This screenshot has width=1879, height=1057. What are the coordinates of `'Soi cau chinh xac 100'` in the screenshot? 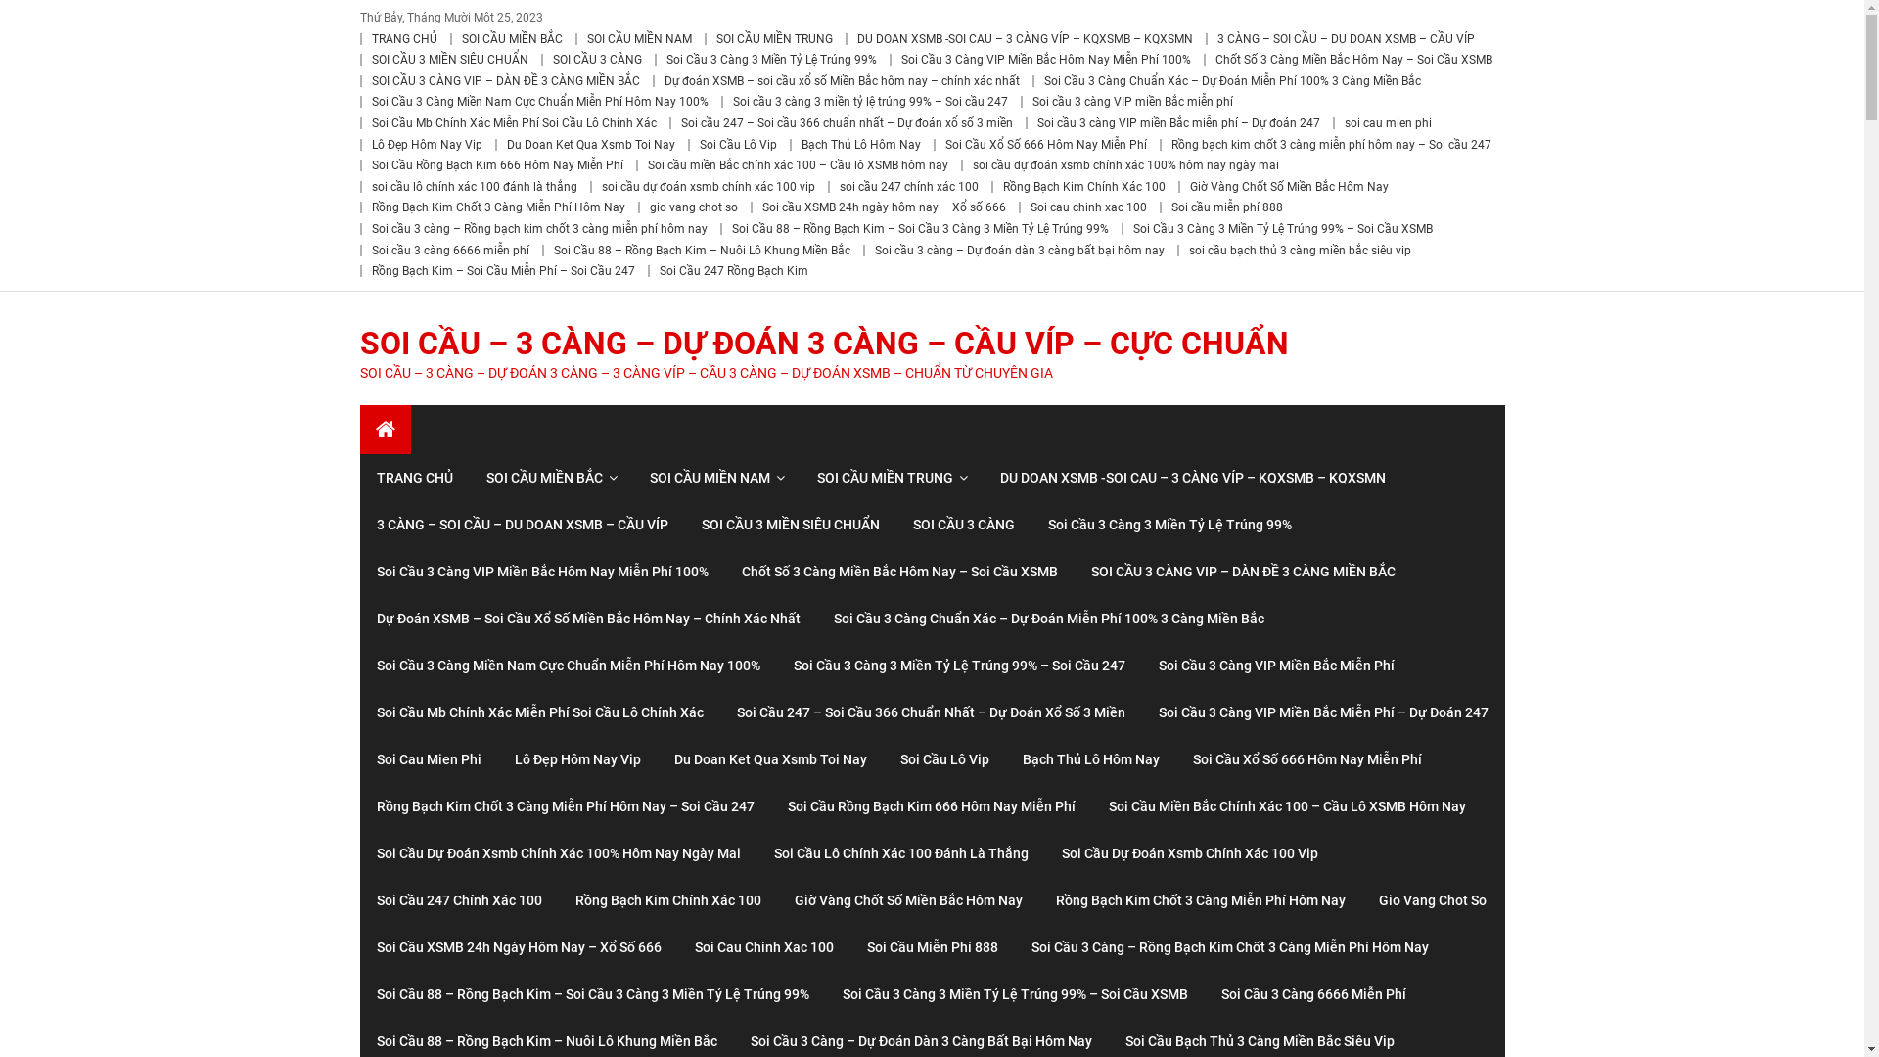 It's located at (1086, 207).